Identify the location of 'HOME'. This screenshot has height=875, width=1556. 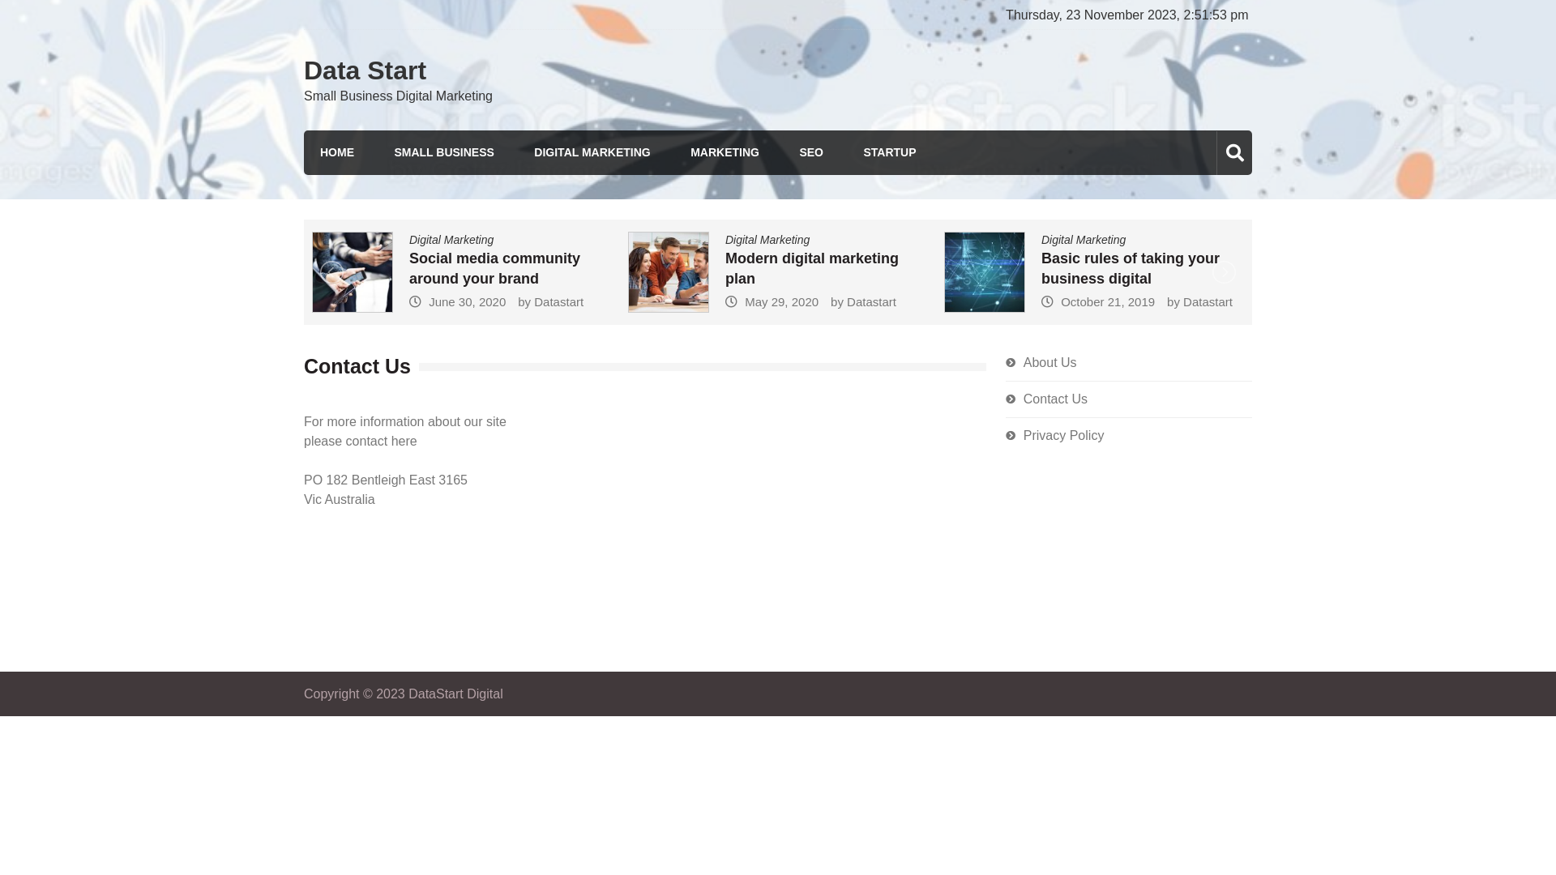
(336, 152).